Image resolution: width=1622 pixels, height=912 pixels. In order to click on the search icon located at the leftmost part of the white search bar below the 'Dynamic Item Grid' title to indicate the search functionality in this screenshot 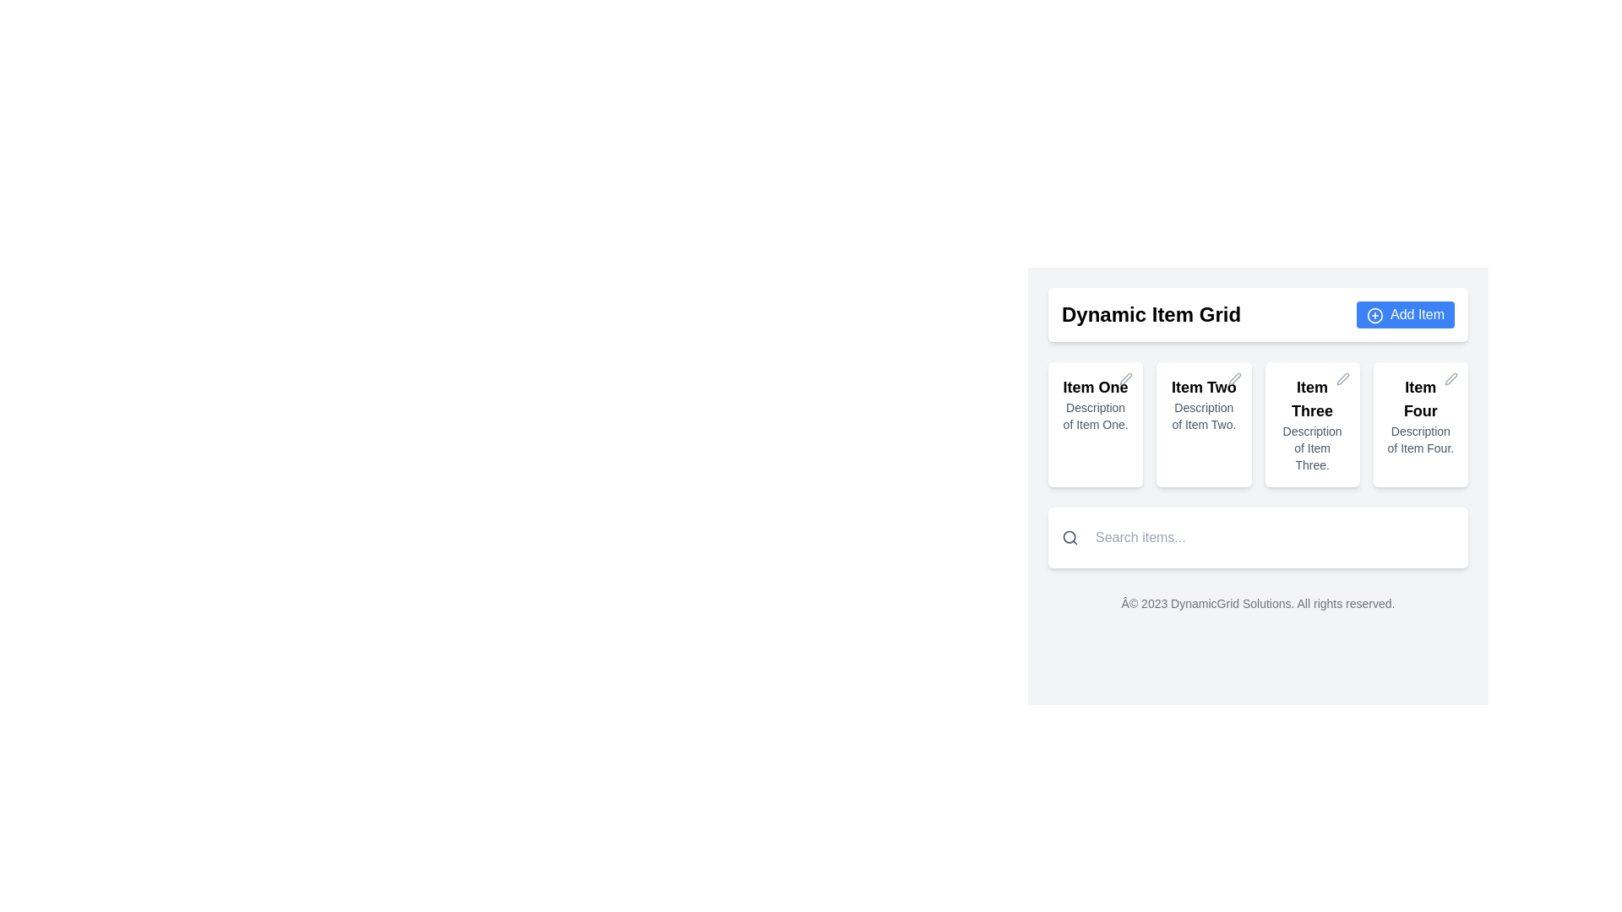, I will do `click(1070, 537)`.